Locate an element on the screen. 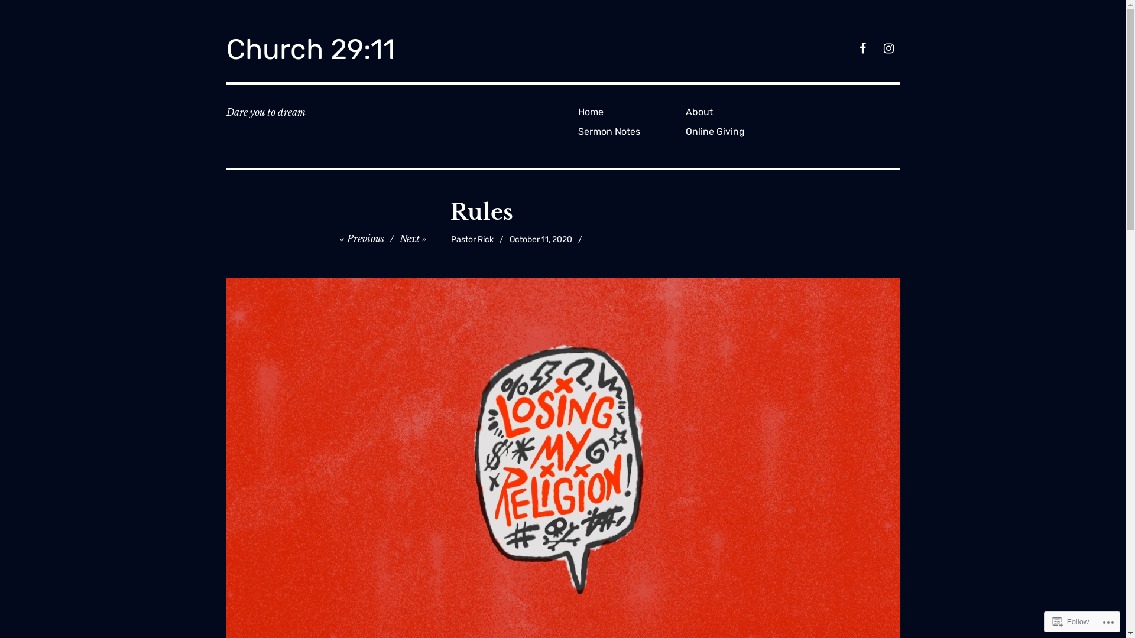  'Previous' is located at coordinates (361, 239).